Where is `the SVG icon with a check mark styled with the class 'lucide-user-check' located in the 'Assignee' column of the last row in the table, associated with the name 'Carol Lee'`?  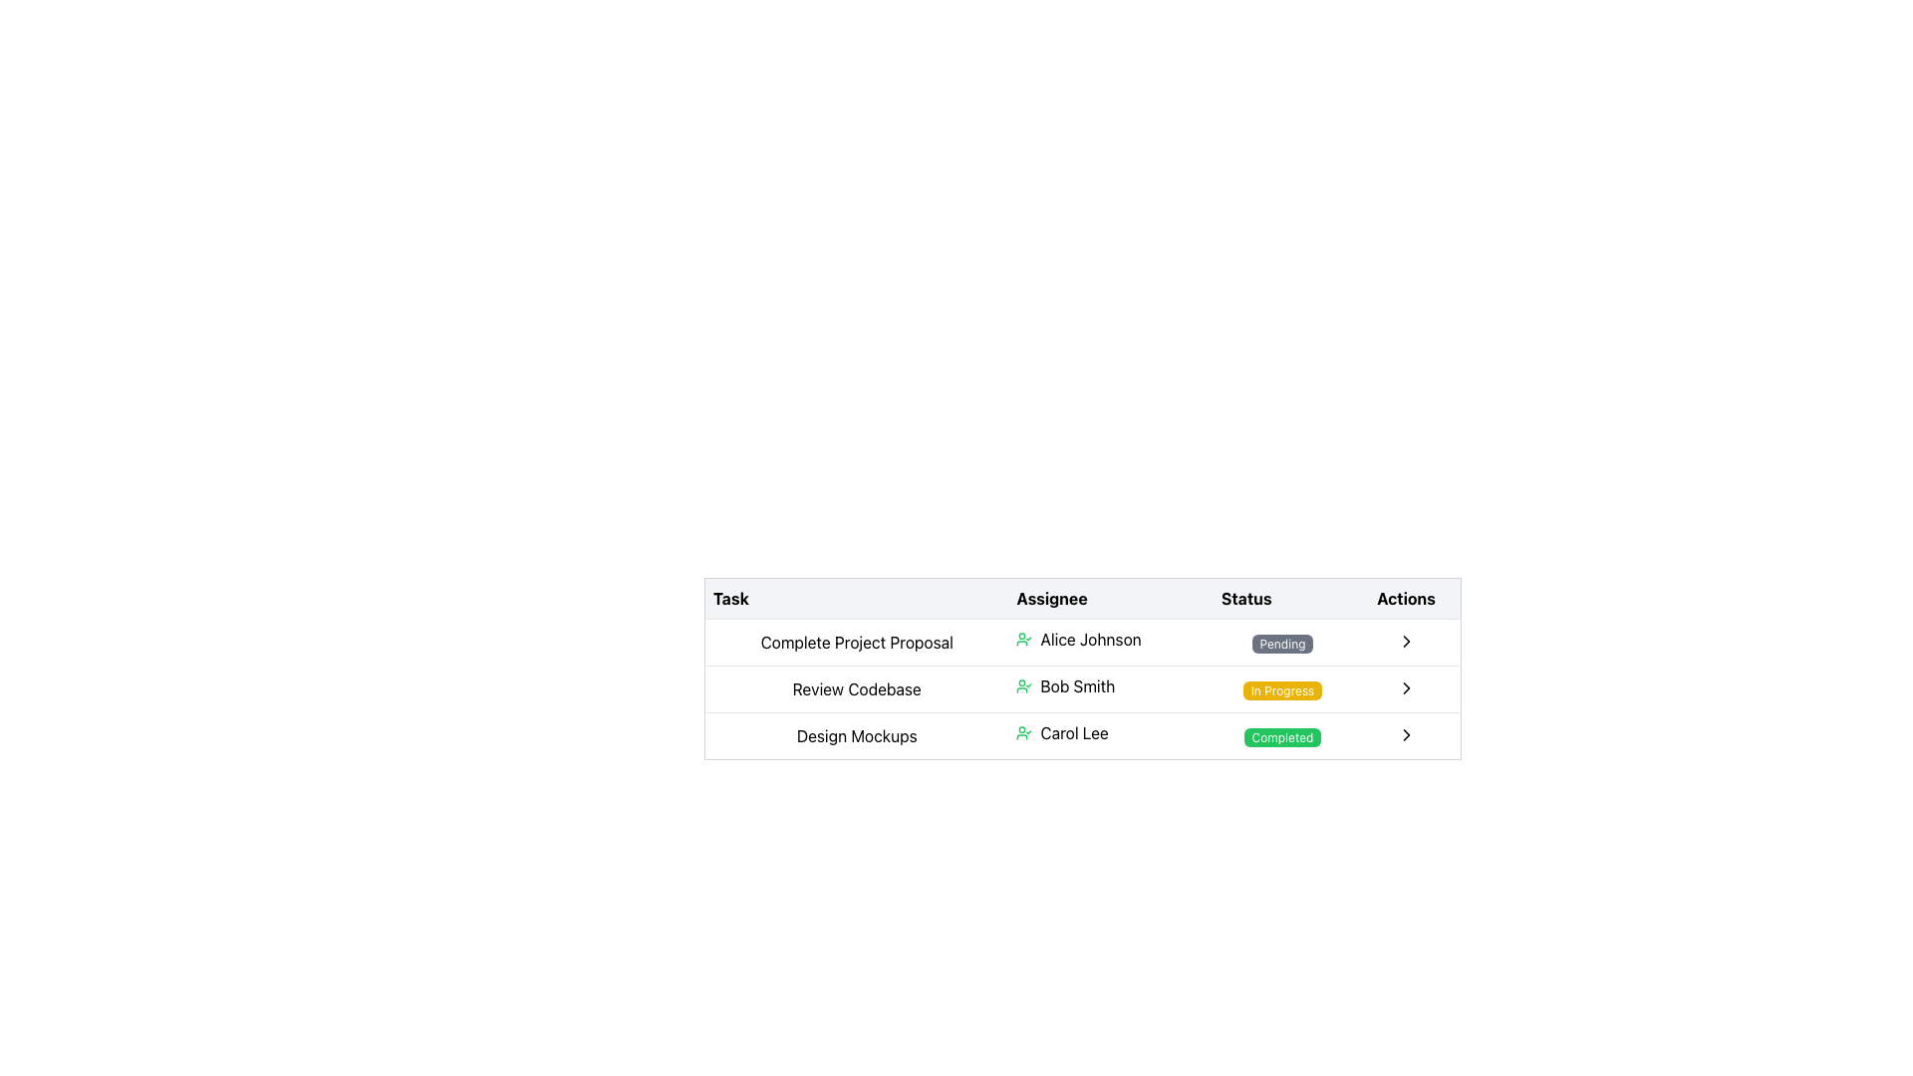
the SVG icon with a check mark styled with the class 'lucide-user-check' located in the 'Assignee' column of the last row in the table, associated with the name 'Carol Lee' is located at coordinates (1024, 733).